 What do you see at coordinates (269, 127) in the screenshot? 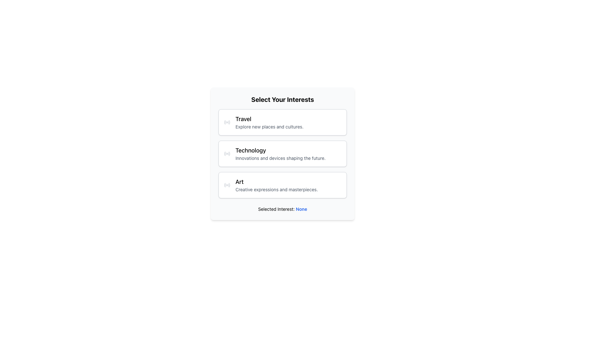
I see `the text label providing context for the 'Travel' category, located directly below the 'Travel' text and aligned to the left within the first interest option box` at bounding box center [269, 127].